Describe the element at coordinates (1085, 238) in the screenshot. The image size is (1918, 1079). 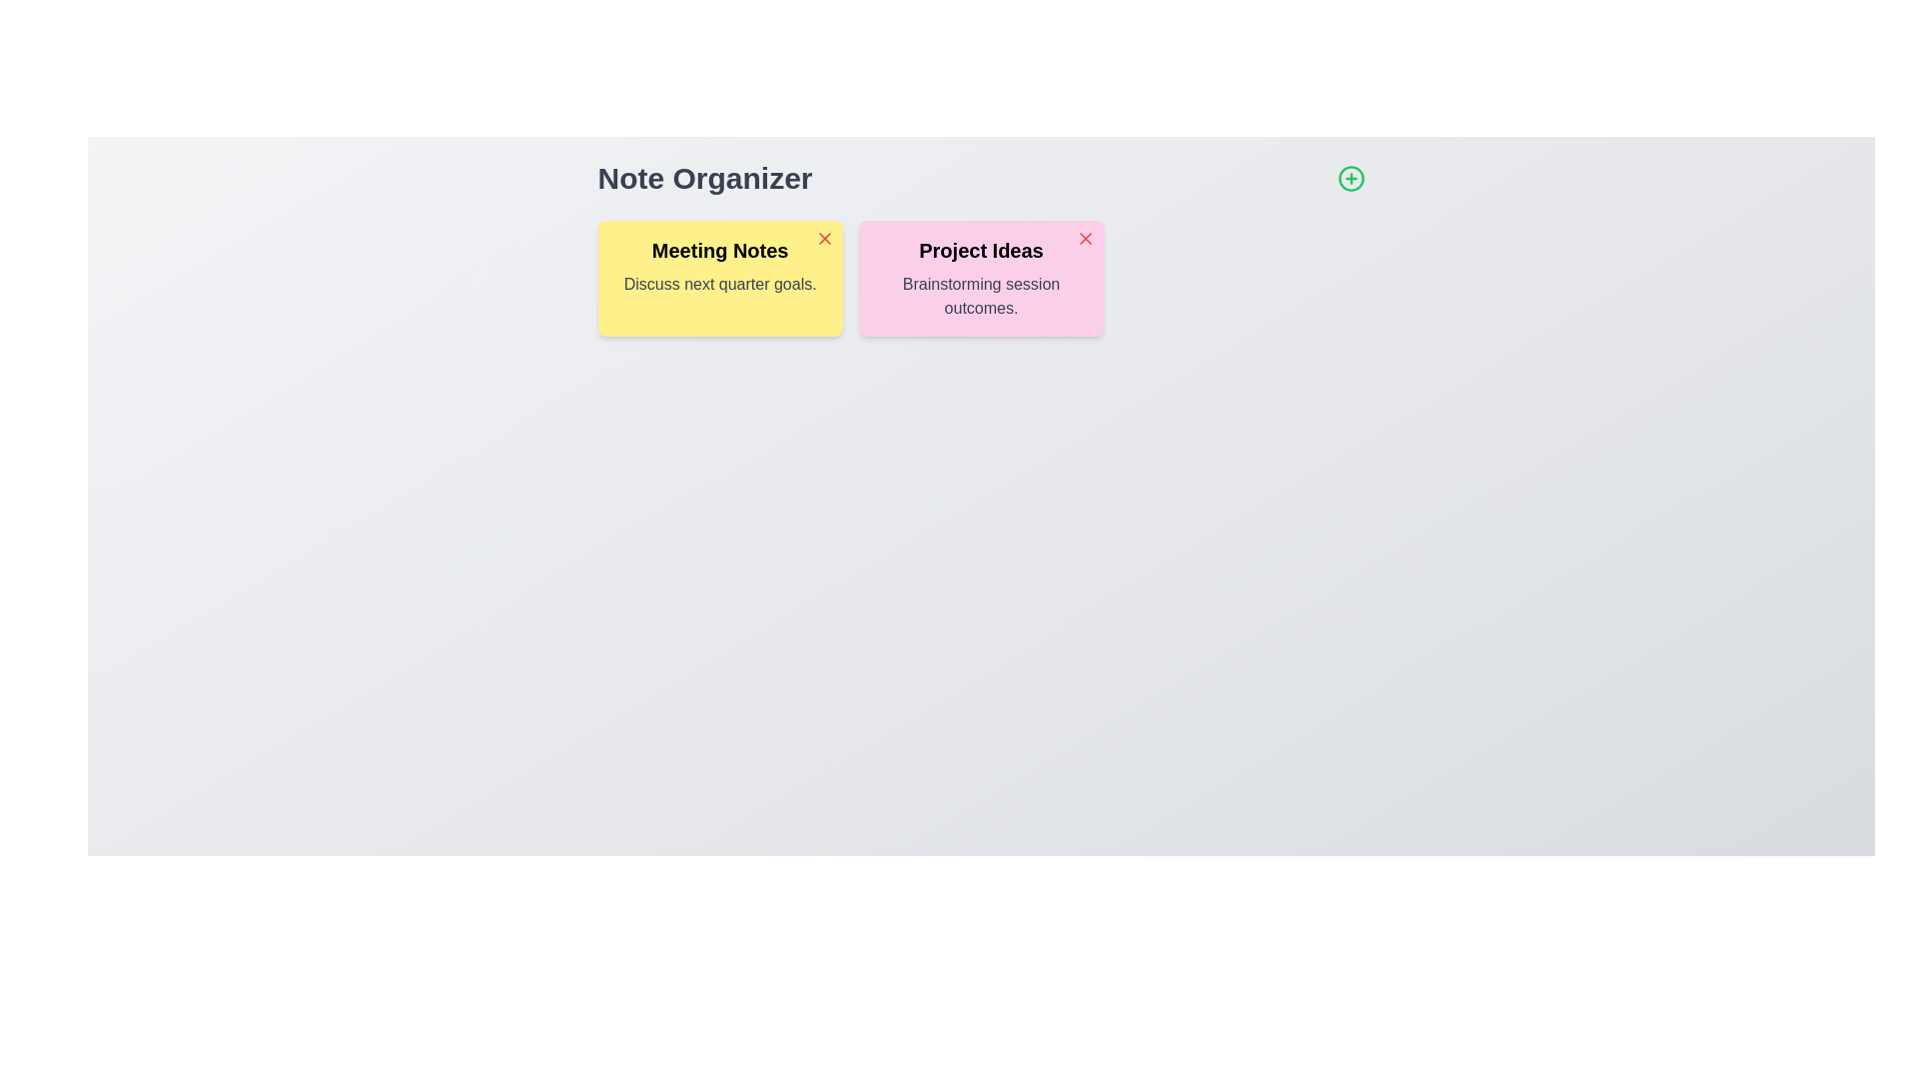
I see `the dismiss button located in the top-right corner of the 'Project Ideas' card to change its color` at that location.